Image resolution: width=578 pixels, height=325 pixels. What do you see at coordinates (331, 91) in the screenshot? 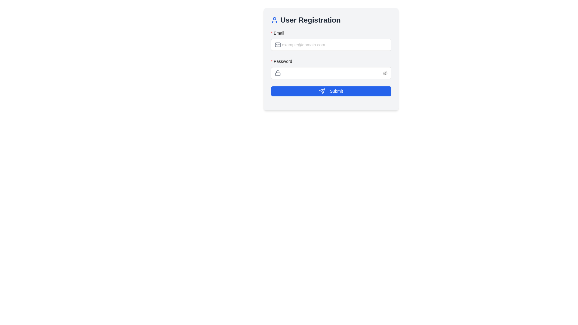
I see `the submission button located at the bottom of the form, which validates and submits the 'Email' and 'Password' fields, using keyboard navigation` at bounding box center [331, 91].